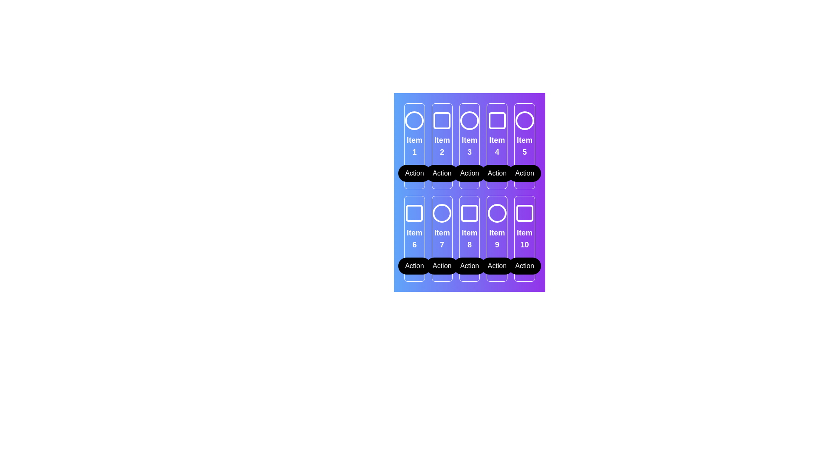  I want to click on the text label located in the second column from the left, positioned below a square icon and above the 'Action' button, so click(442, 145).